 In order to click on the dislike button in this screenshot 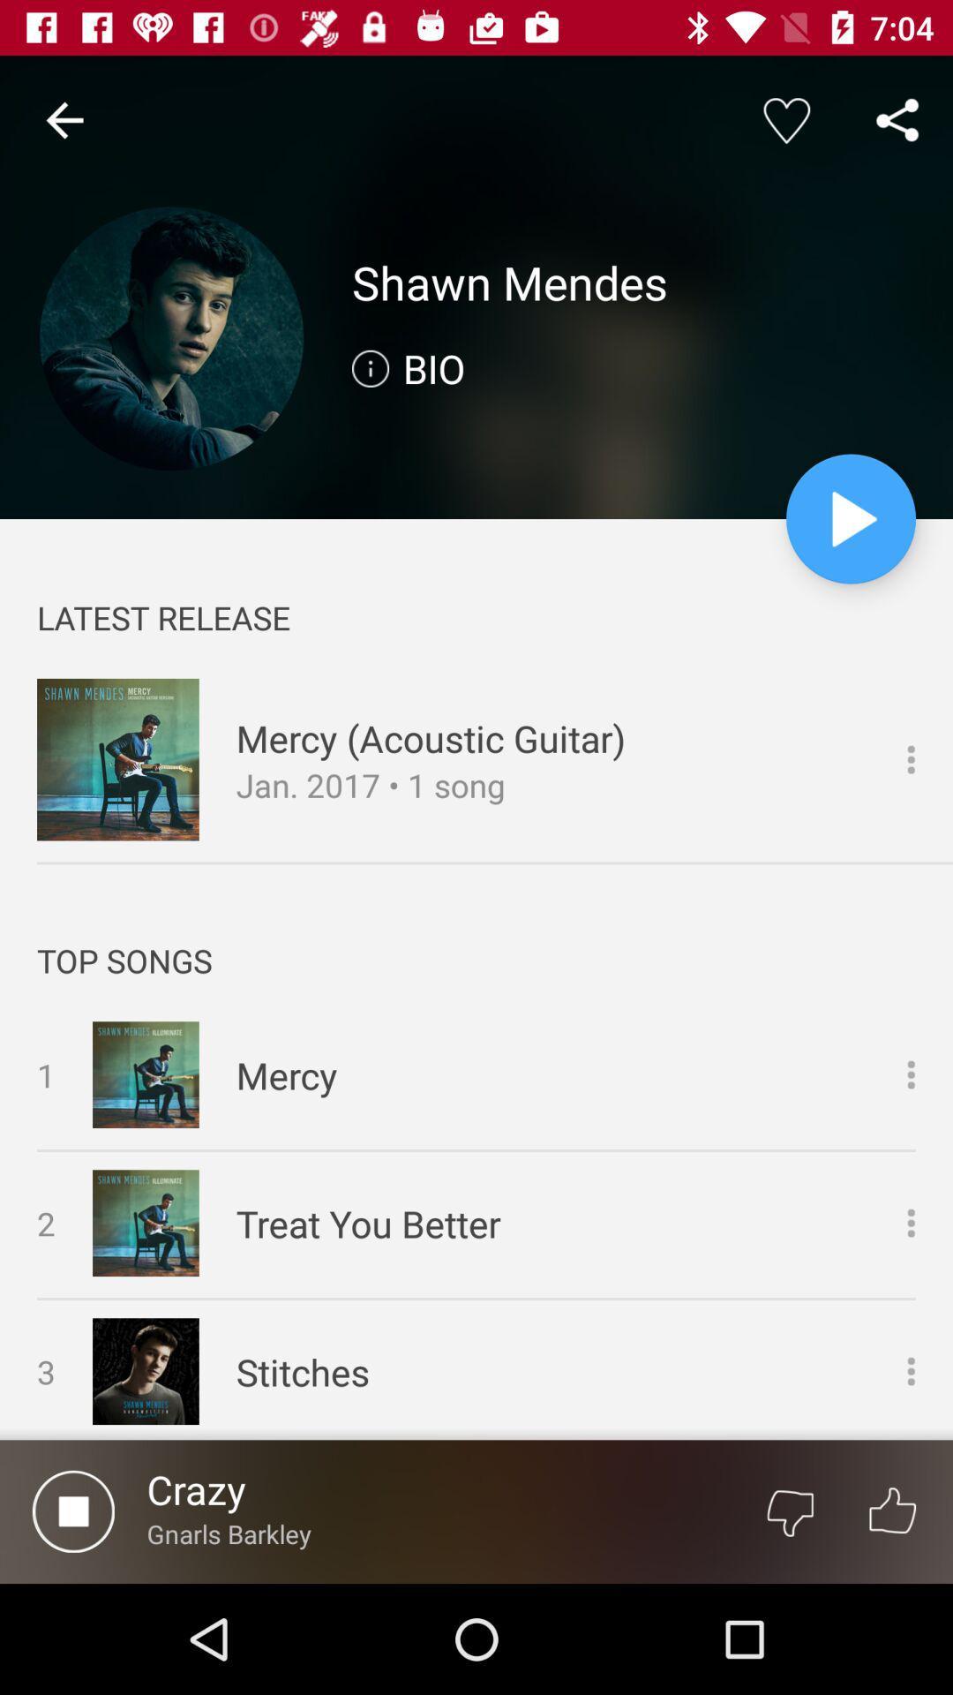, I will do `click(789, 1510)`.